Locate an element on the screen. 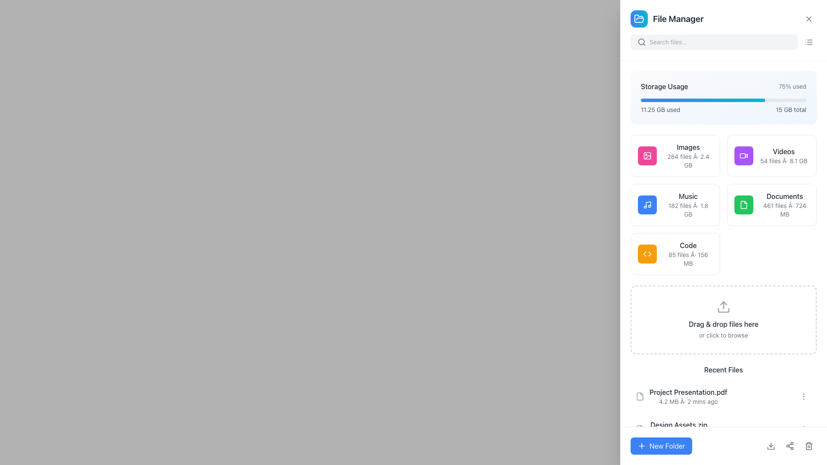  contents of the Informational Card that summarizes storage usage, located at the upper section of the file manager's main panel, below the search bar and above the navigational grid of category cards is located at coordinates (724, 97).